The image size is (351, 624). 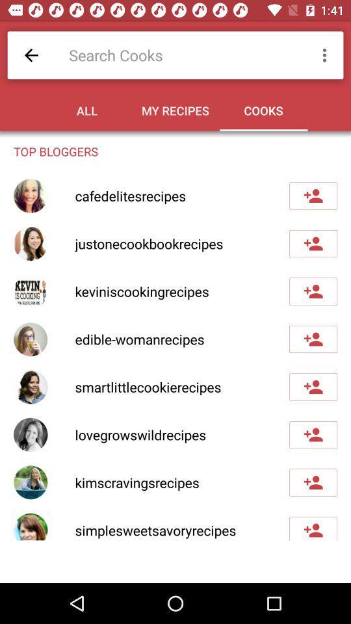 What do you see at coordinates (326, 55) in the screenshot?
I see `icon above the top bloggers item` at bounding box center [326, 55].